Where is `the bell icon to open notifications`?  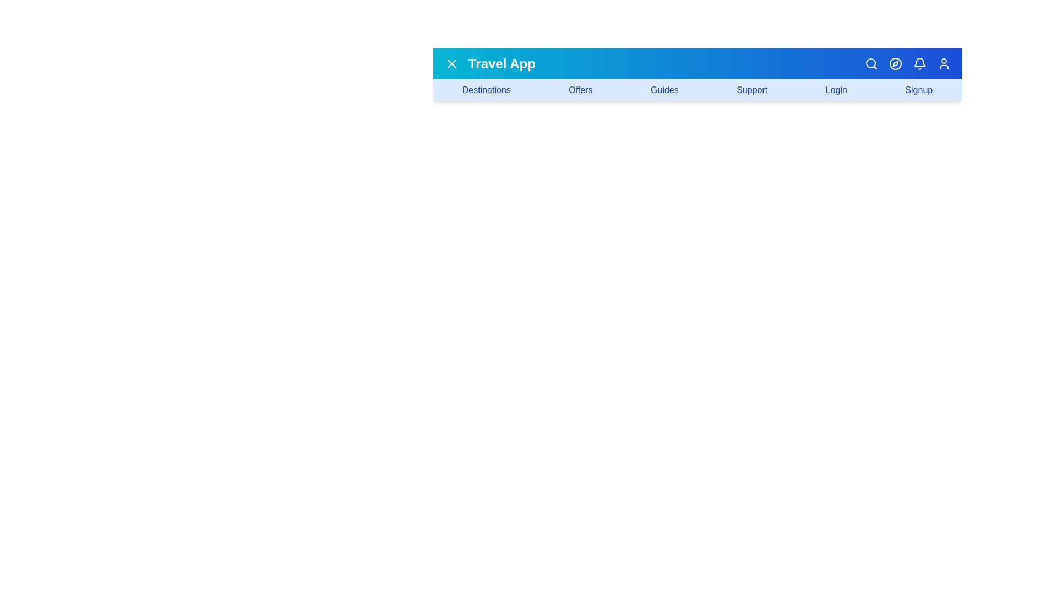
the bell icon to open notifications is located at coordinates (919, 63).